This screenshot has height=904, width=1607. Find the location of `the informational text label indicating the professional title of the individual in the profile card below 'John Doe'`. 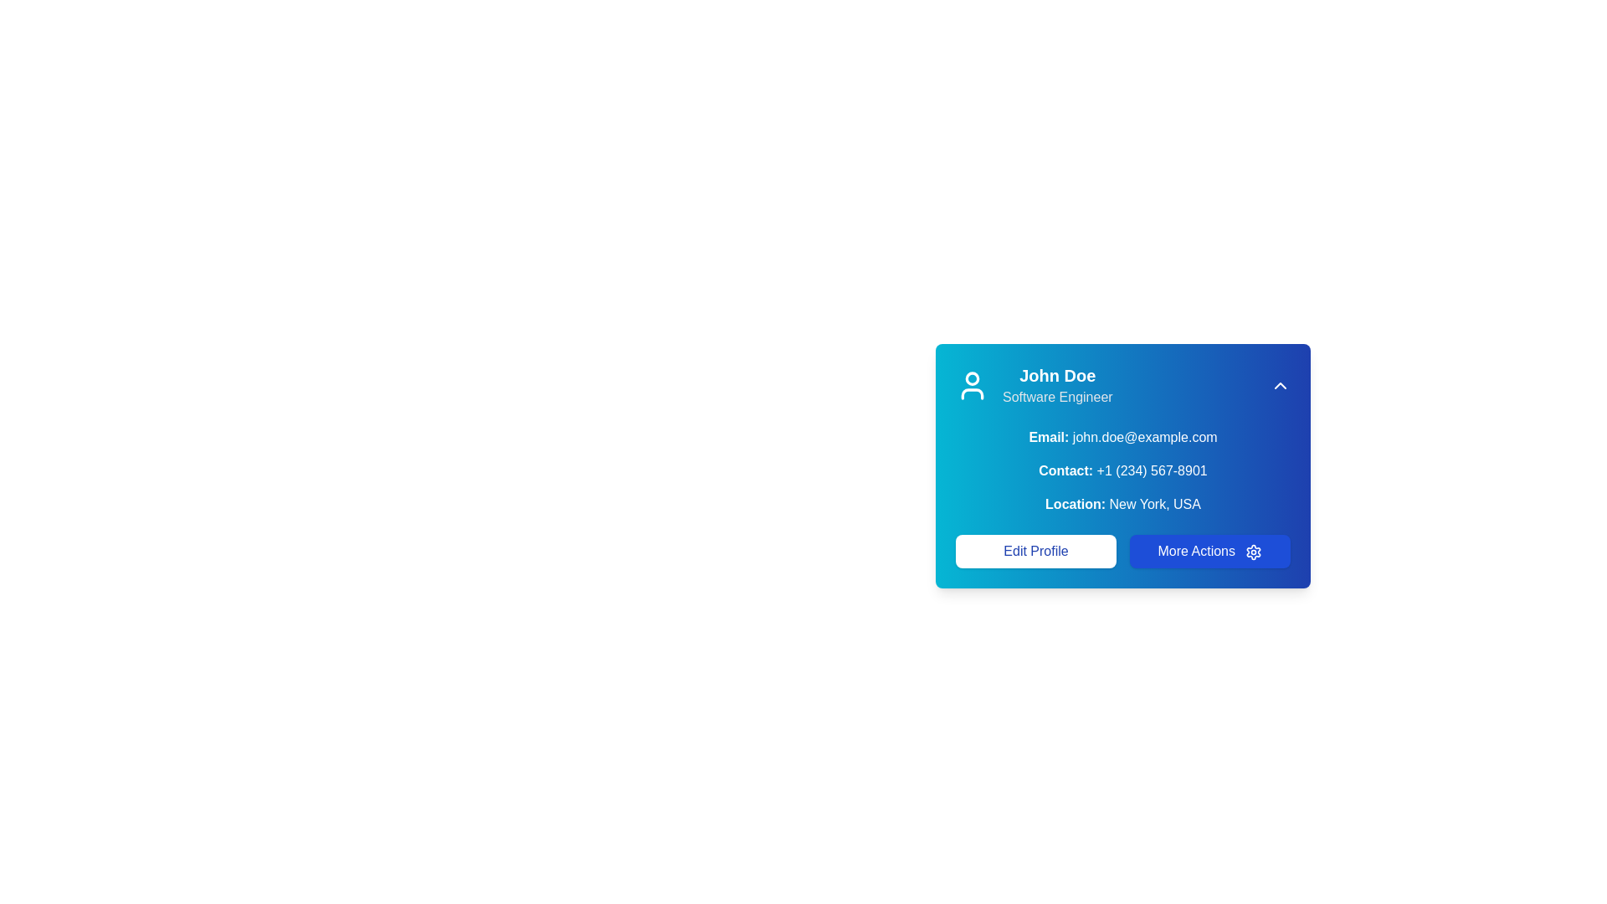

the informational text label indicating the professional title of the individual in the profile card below 'John Doe' is located at coordinates (1056, 397).